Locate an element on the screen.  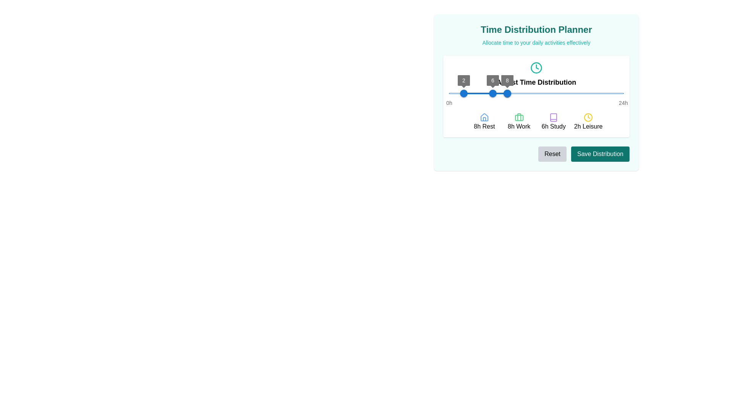
the graphical representation for the 'Rest' category icon located centrally above the '8h Rest' text in the time distribution planning interface is located at coordinates (484, 117).